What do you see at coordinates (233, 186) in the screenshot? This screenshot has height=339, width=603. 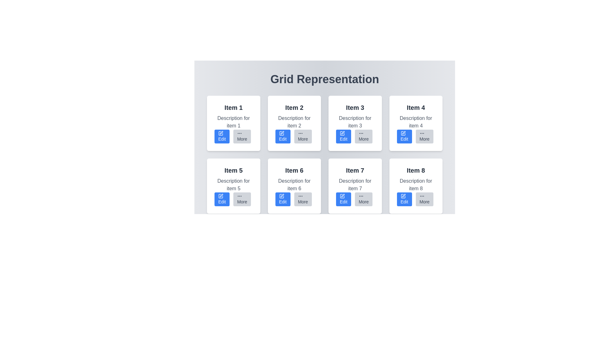 I see `the 'Edit' button of the card element located in the second row and first column of the grid layout, which contains a title and description for an item` at bounding box center [233, 186].